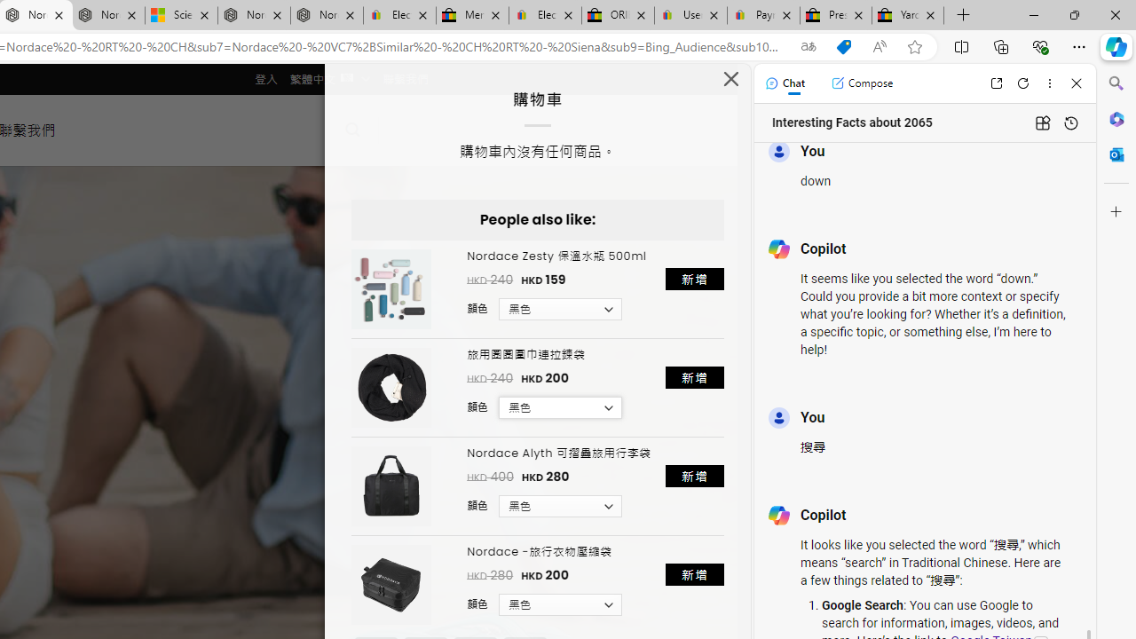  Describe the element at coordinates (763, 15) in the screenshot. I see `'Payments Terms of Use | eBay.com'` at that location.